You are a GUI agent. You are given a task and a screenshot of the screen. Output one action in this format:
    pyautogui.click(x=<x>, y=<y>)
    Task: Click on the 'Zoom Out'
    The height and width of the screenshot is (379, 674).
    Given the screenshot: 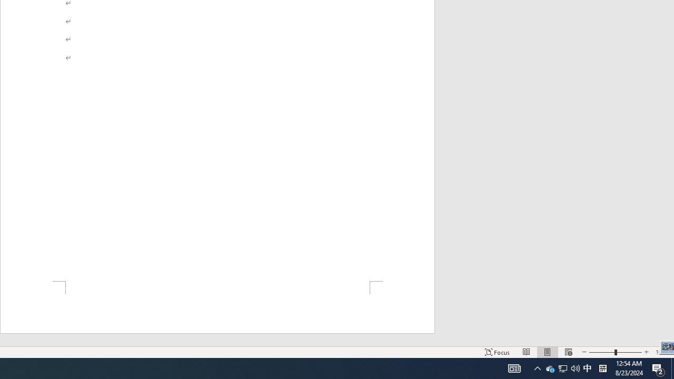 What is the action you would take?
    pyautogui.click(x=602, y=352)
    